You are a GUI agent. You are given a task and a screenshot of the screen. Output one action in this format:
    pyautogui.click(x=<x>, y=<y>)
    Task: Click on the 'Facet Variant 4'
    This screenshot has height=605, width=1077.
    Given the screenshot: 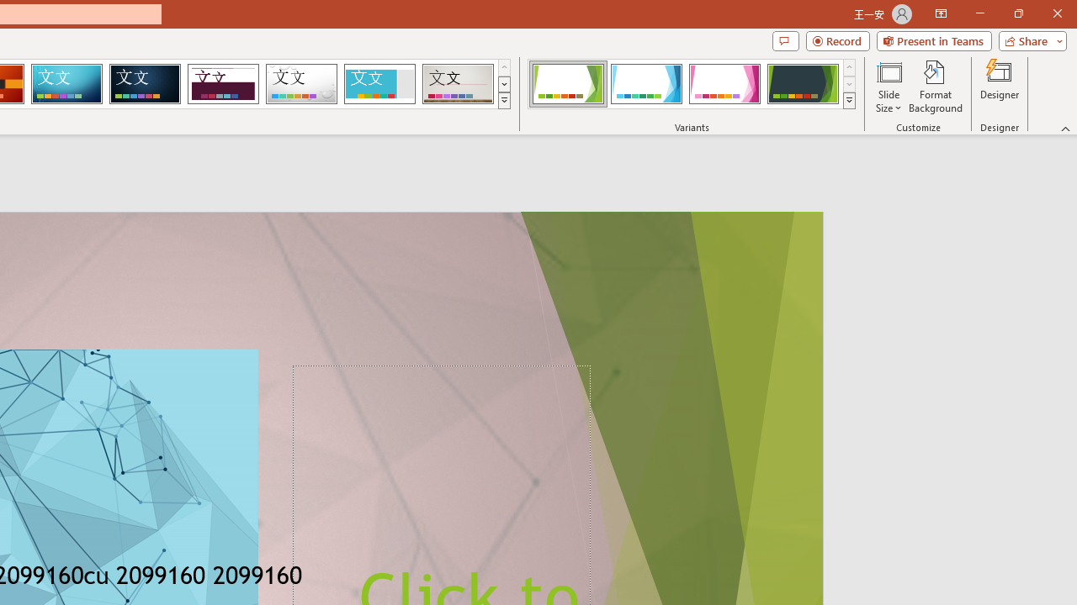 What is the action you would take?
    pyautogui.click(x=802, y=84)
    